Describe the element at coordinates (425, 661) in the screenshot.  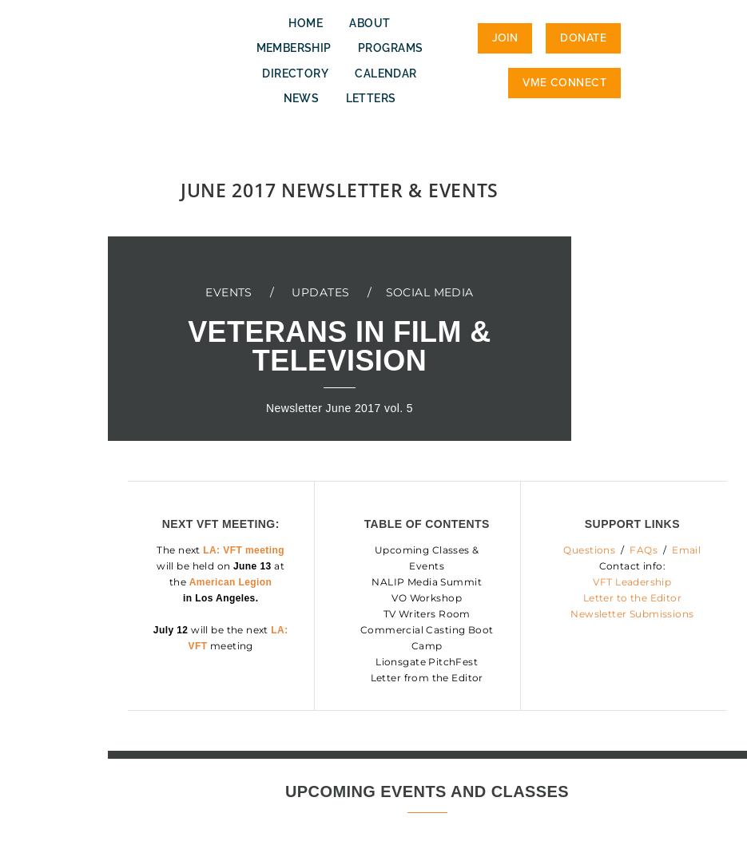
I see `'Lionsgate PitchFest'` at that location.